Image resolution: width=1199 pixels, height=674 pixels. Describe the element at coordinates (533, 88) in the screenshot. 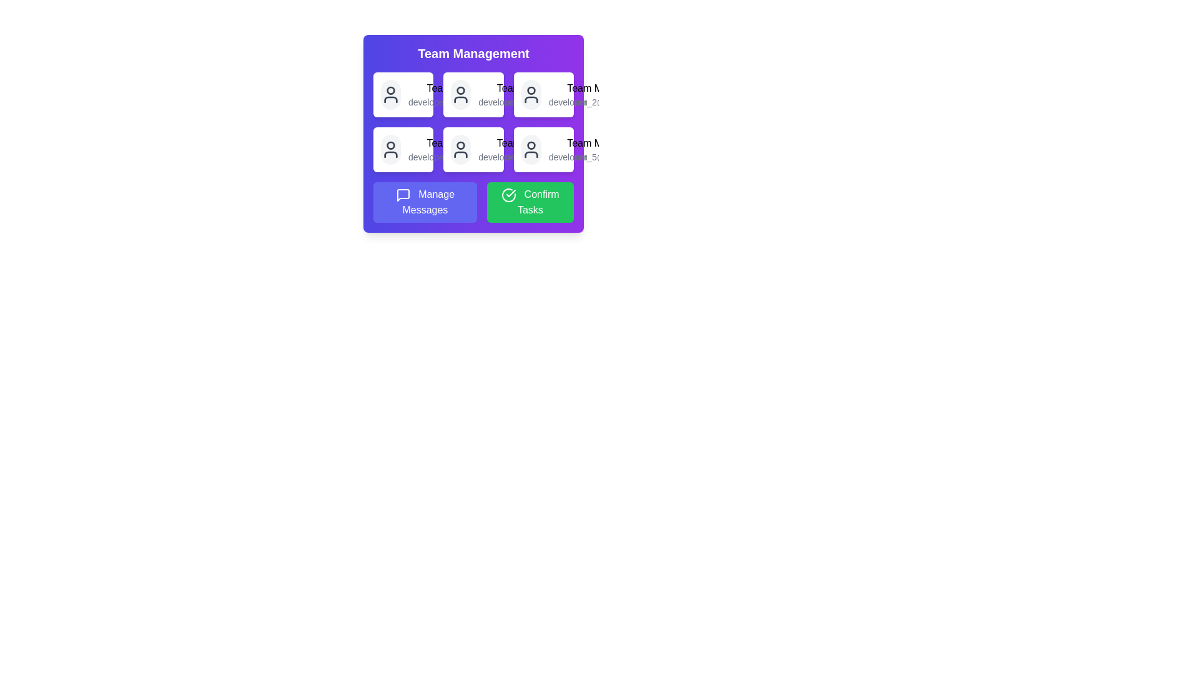

I see `the text label identifying the team member in the second row, second column of the grid layout for team management` at that location.